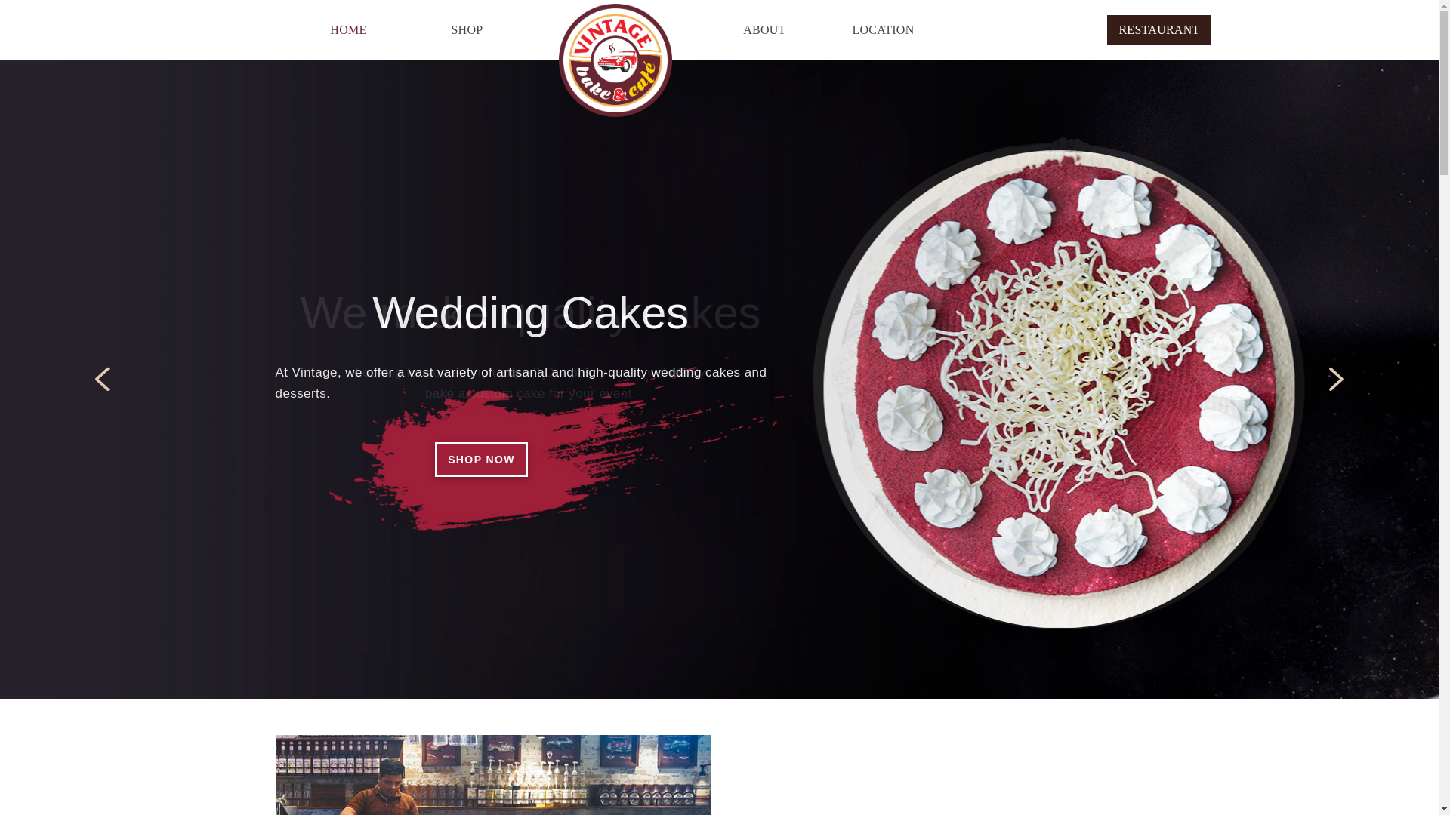  What do you see at coordinates (852, 29) in the screenshot?
I see `'LOCATION'` at bounding box center [852, 29].